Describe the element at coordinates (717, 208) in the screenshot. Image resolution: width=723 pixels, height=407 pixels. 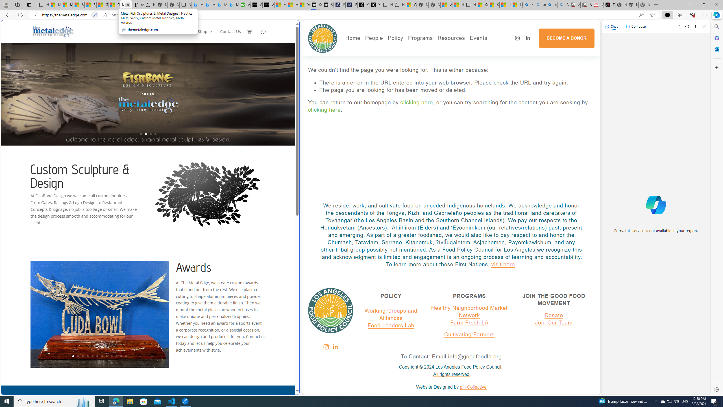
I see `'Side bar'` at that location.